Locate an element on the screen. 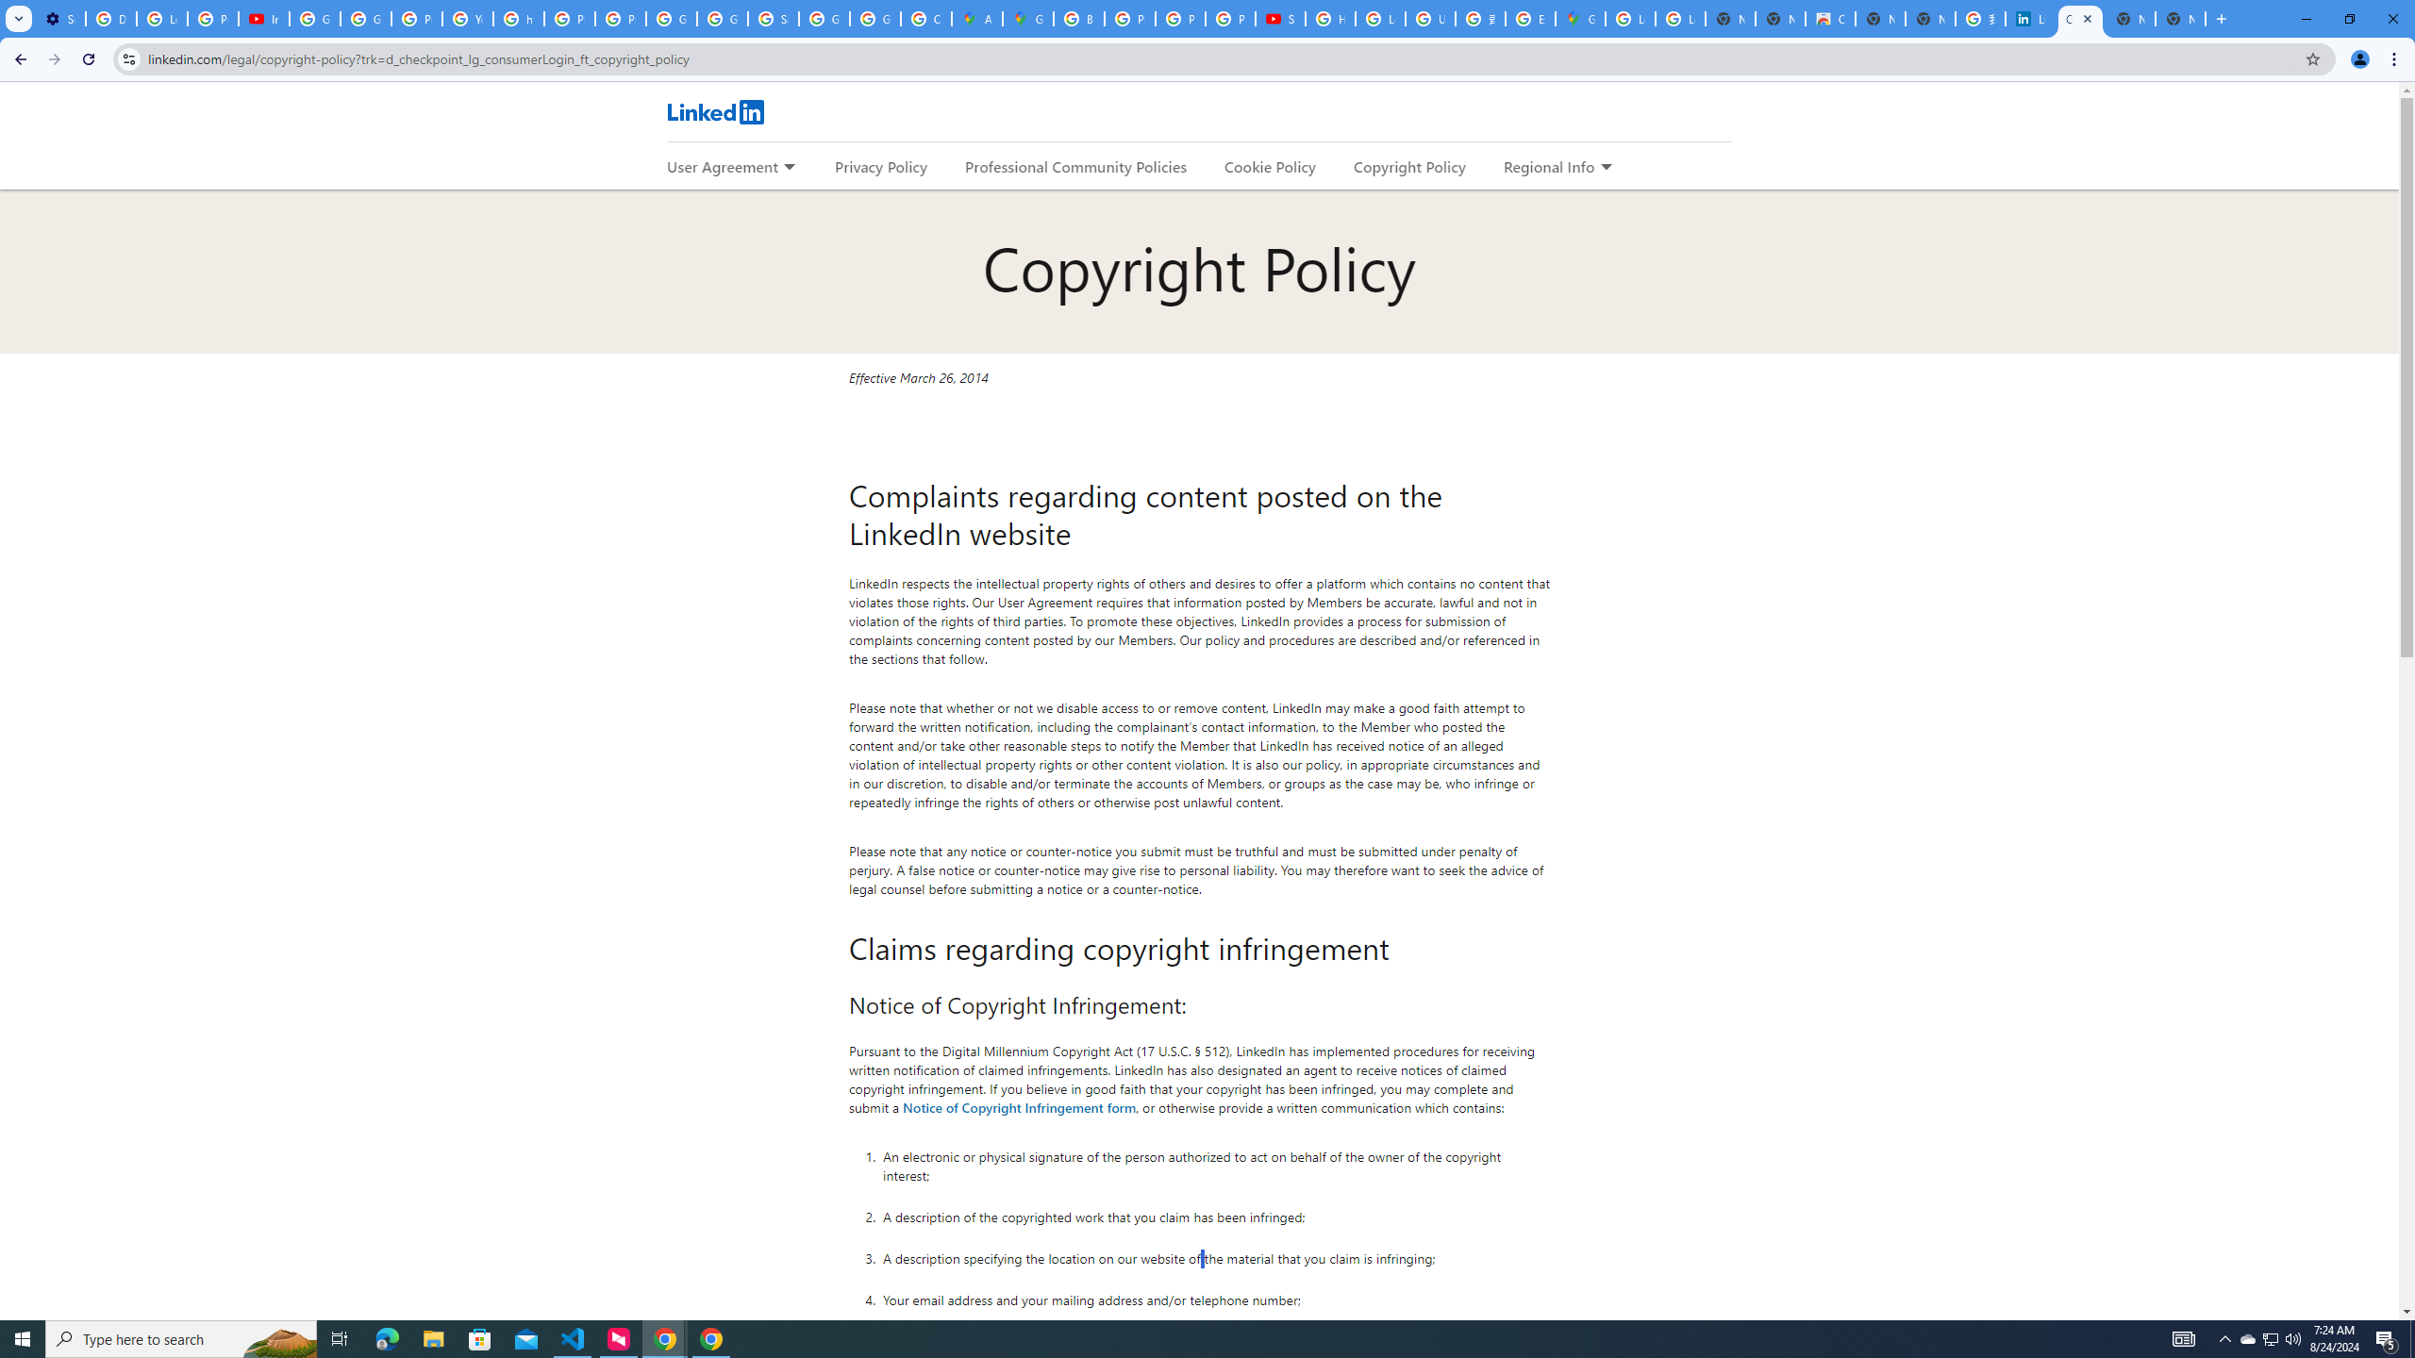  'Google Account Help' is located at coordinates (315, 18).